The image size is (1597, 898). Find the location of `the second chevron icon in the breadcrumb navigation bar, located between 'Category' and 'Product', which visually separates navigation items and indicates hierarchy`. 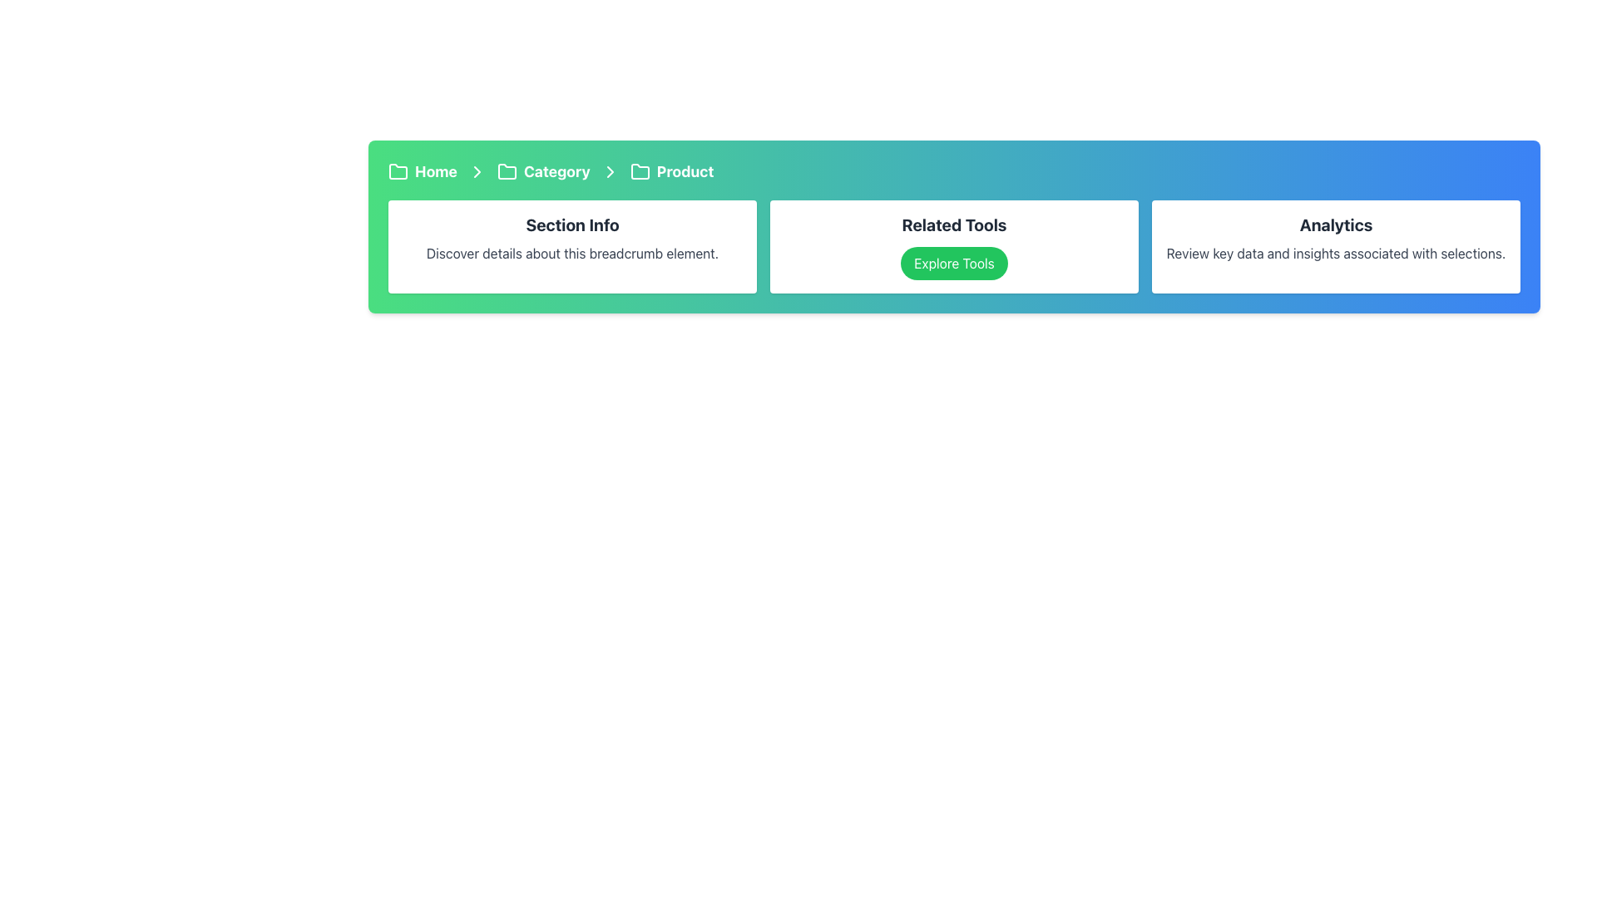

the second chevron icon in the breadcrumb navigation bar, located between 'Category' and 'Product', which visually separates navigation items and indicates hierarchy is located at coordinates (476, 172).